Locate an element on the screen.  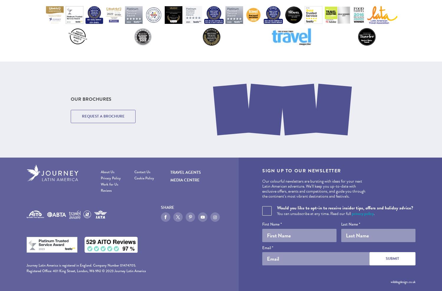
'Contact Us' is located at coordinates (141, 172).